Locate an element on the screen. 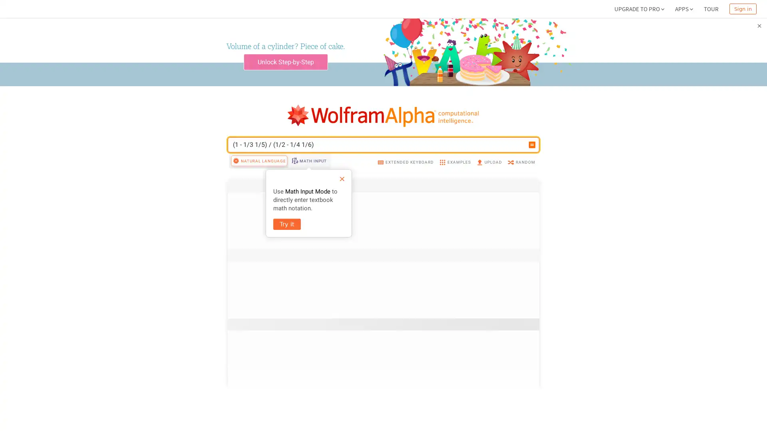  Sign in is located at coordinates (743, 9).